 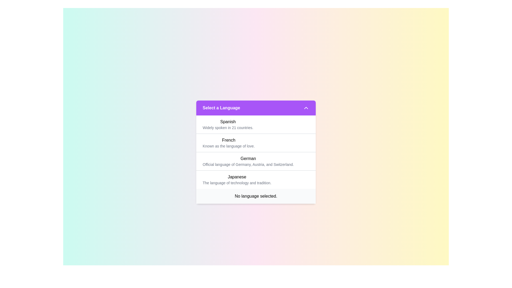 I want to click on the text label that provides additional information about the 'Japanese' language, located beneath the bold text 'Japanese' in the dropdown list of the language selection menu, so click(x=237, y=182).